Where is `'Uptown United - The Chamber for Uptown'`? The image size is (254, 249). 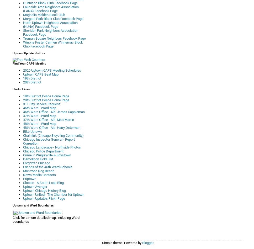 'Uptown United - The Chamber for Uptown' is located at coordinates (53, 194).